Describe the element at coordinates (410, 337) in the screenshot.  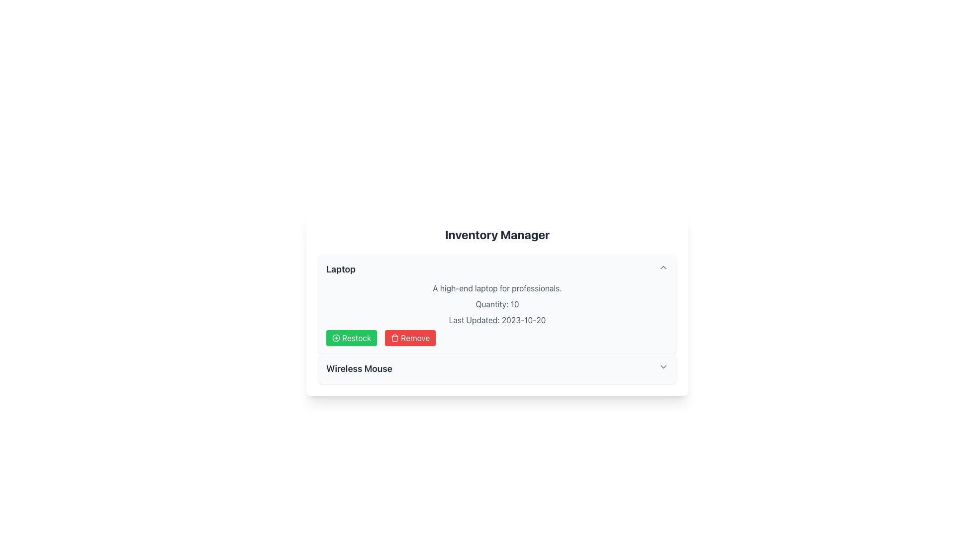
I see `the second button in the row of actions below the description of the 'Laptop' item` at that location.